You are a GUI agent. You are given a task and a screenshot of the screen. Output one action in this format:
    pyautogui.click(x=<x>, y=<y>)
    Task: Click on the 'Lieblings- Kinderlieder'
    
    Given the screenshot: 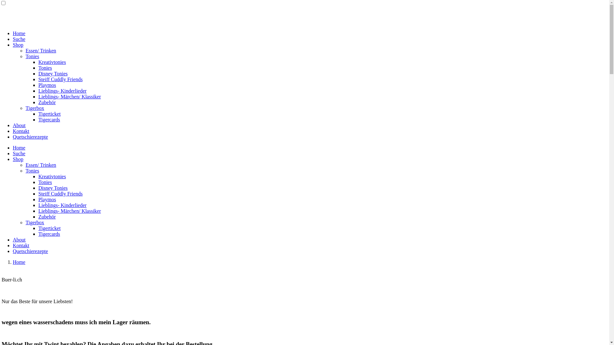 What is the action you would take?
    pyautogui.click(x=62, y=91)
    